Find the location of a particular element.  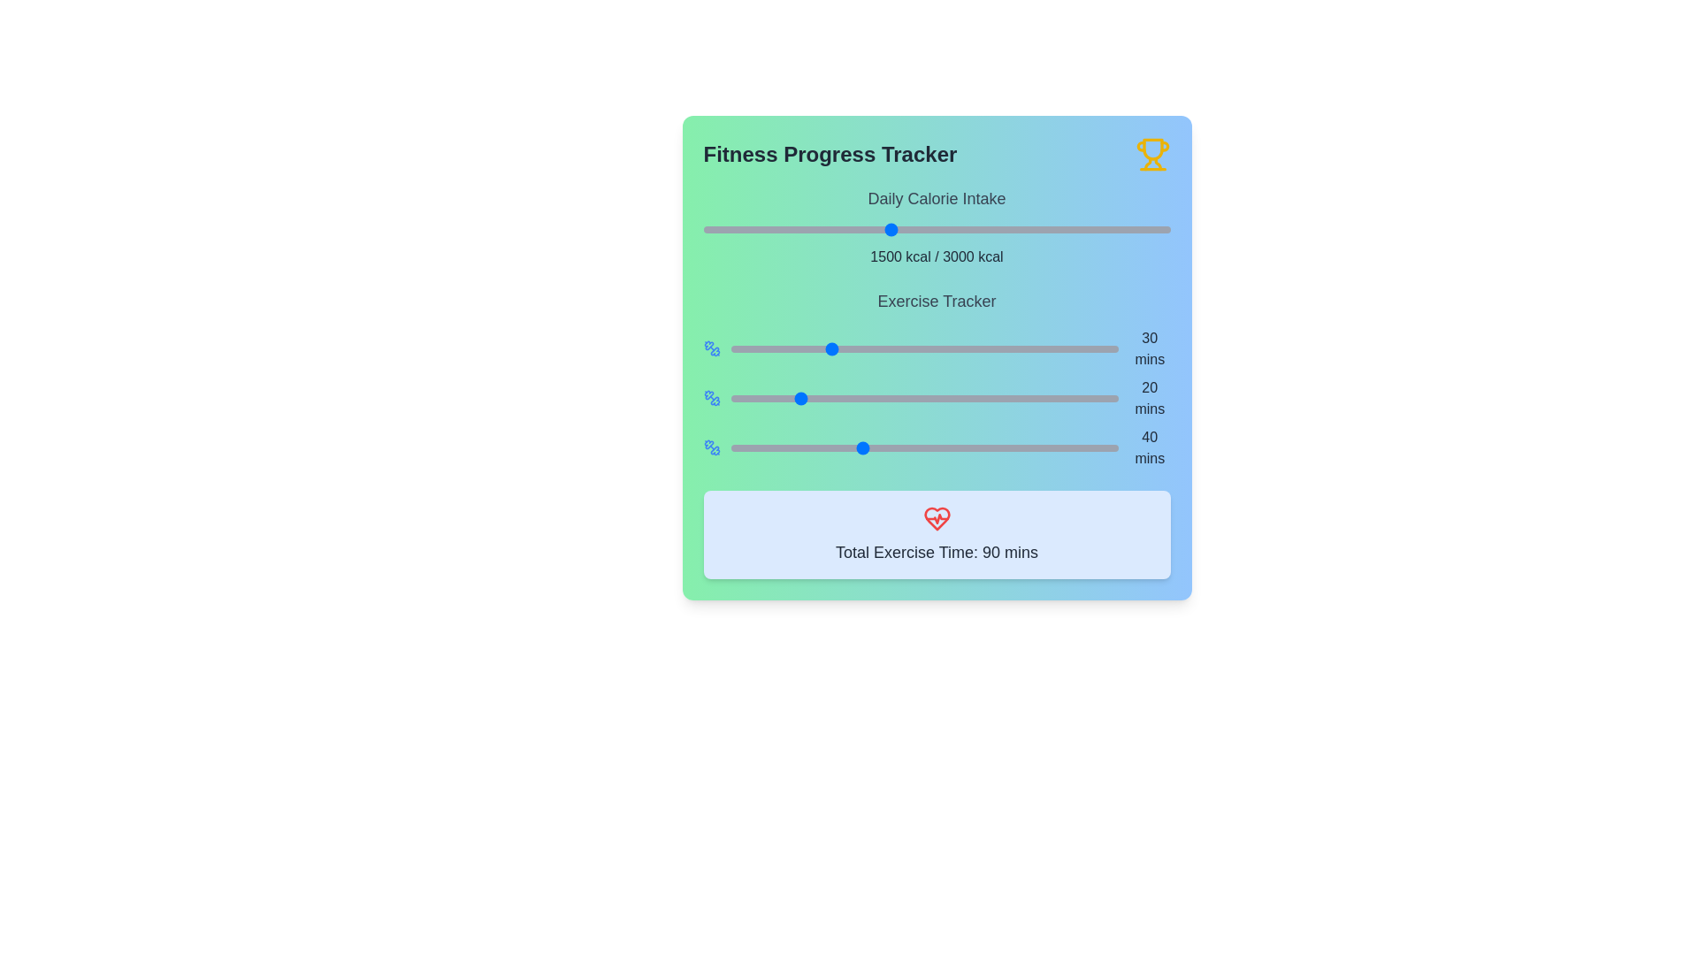

calorie intake is located at coordinates (822, 228).